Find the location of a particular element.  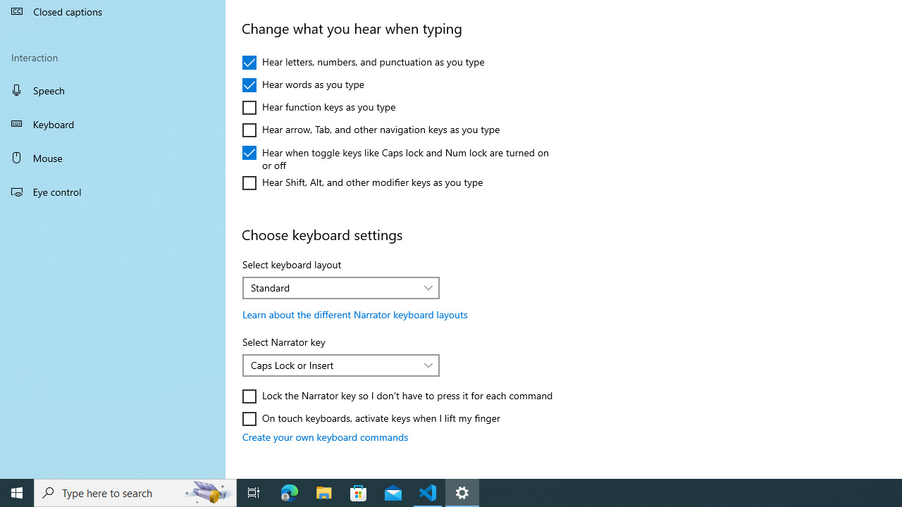

'Learn about the different Narrator keyboard layouts' is located at coordinates (355, 313).